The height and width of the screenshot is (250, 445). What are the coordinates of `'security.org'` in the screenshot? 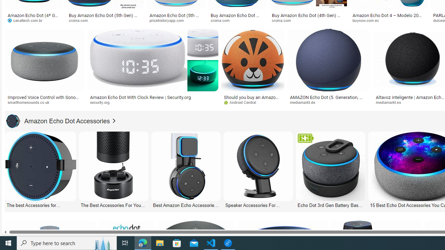 It's located at (102, 102).